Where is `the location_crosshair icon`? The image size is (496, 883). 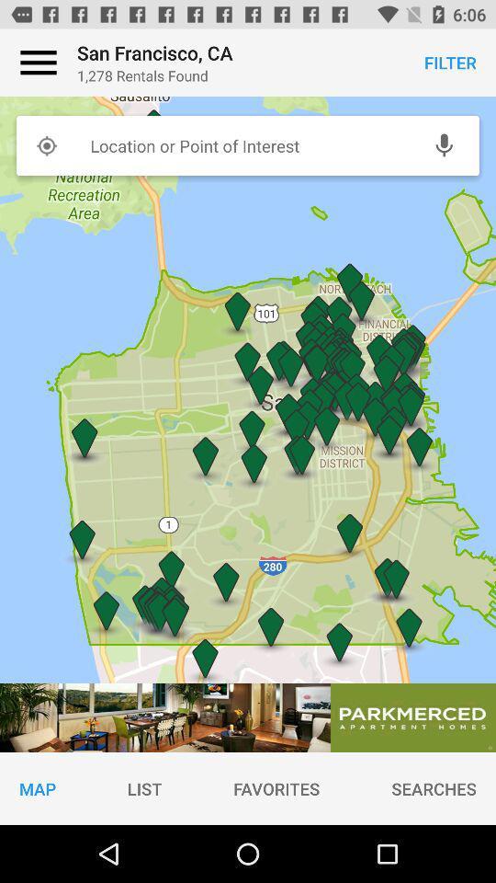
the location_crosshair icon is located at coordinates (46, 144).